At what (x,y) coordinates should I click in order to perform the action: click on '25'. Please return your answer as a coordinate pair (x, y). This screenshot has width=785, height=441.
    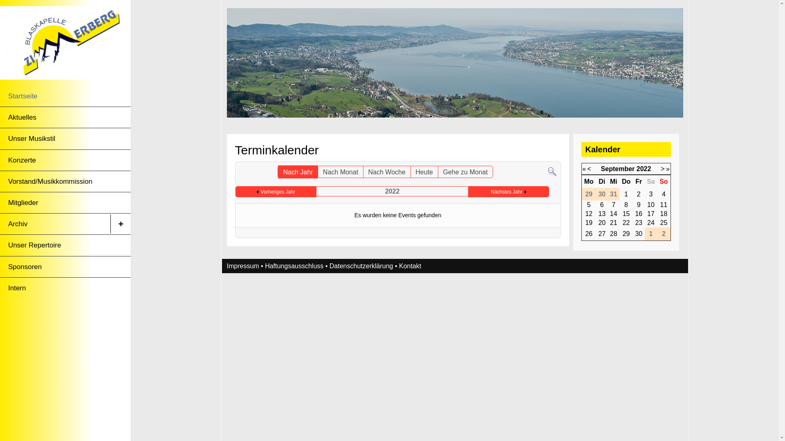
    Looking at the image, I should click on (664, 223).